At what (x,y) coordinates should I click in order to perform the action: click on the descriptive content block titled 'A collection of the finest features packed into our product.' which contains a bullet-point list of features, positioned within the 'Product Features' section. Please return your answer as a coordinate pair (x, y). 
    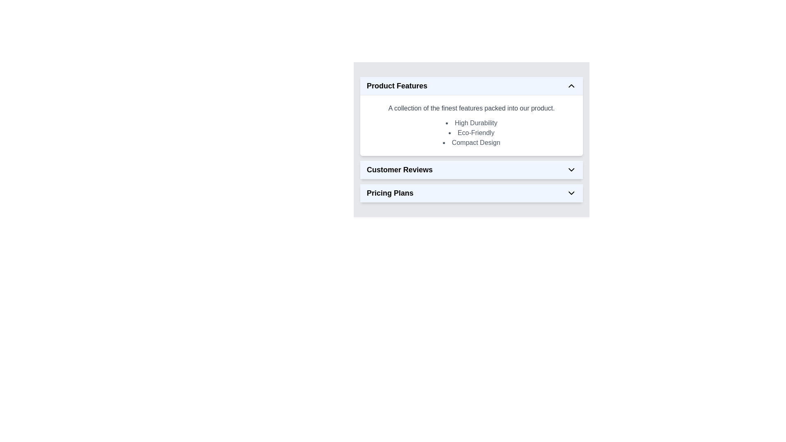
    Looking at the image, I should click on (472, 126).